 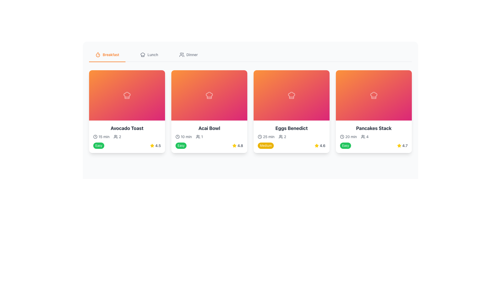 I want to click on the informational label displaying '20 min' in gray font, which is positioned to the right of the clock icon within the 'Pancakes Stack' recipe card, so click(x=348, y=136).